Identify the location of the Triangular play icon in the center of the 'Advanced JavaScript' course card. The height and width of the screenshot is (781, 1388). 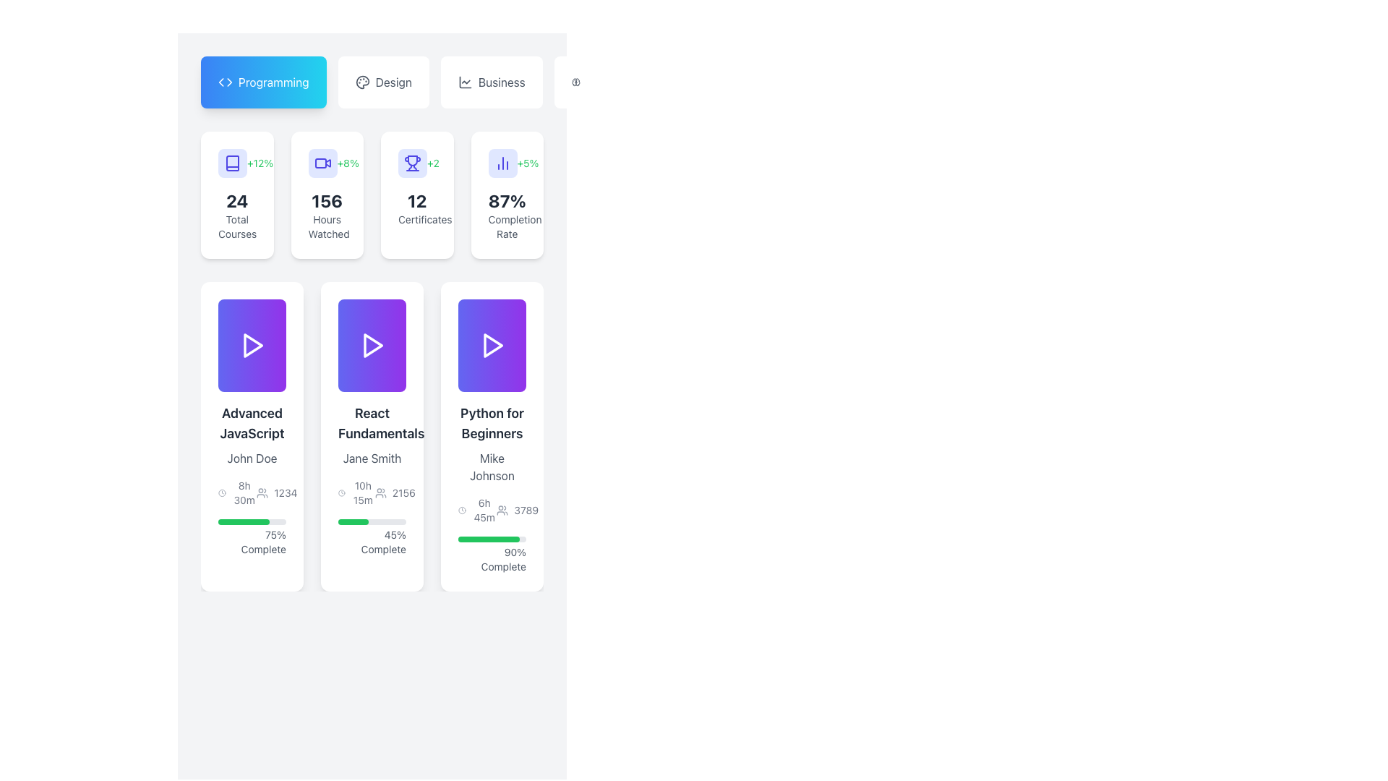
(253, 346).